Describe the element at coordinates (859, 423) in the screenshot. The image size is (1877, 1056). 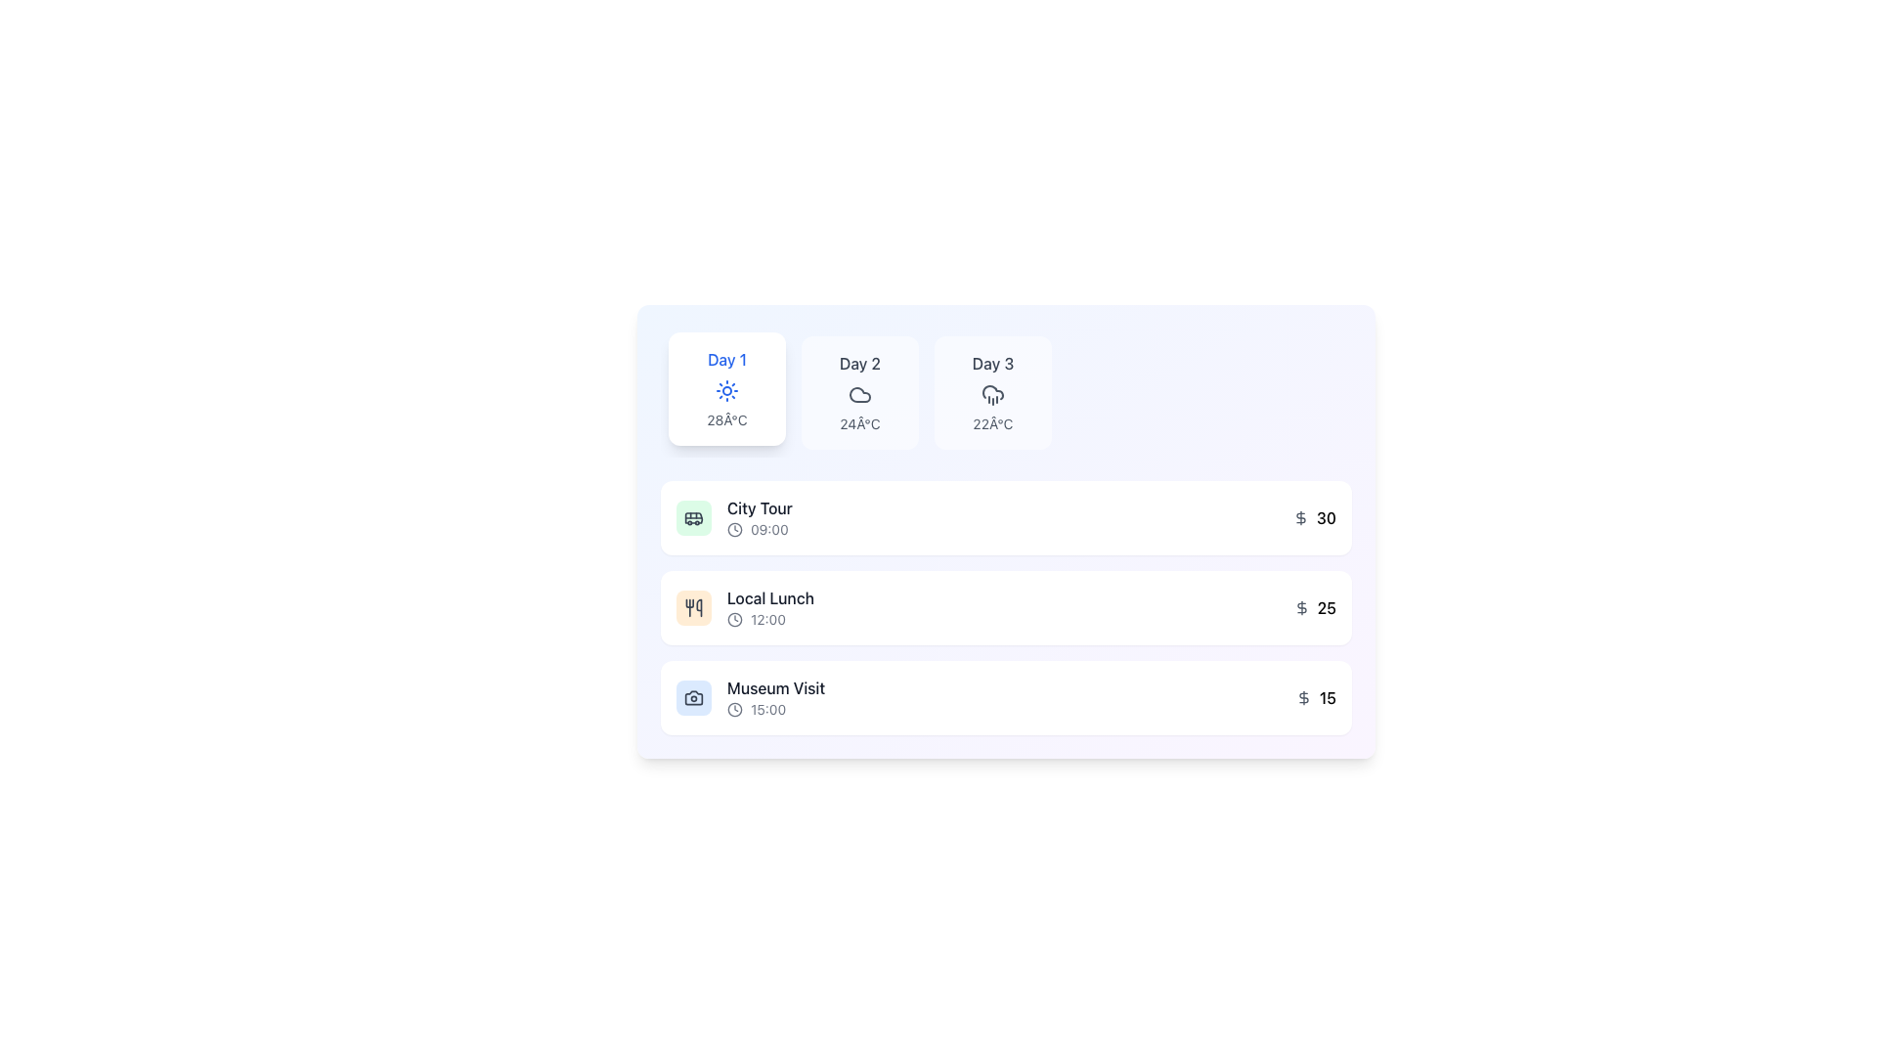
I see `text displaying '24Â°C' located in the bottom section of the 'Day 2' card in the weather display, which is centered horizontally beneath a cloud-shaped icon` at that location.